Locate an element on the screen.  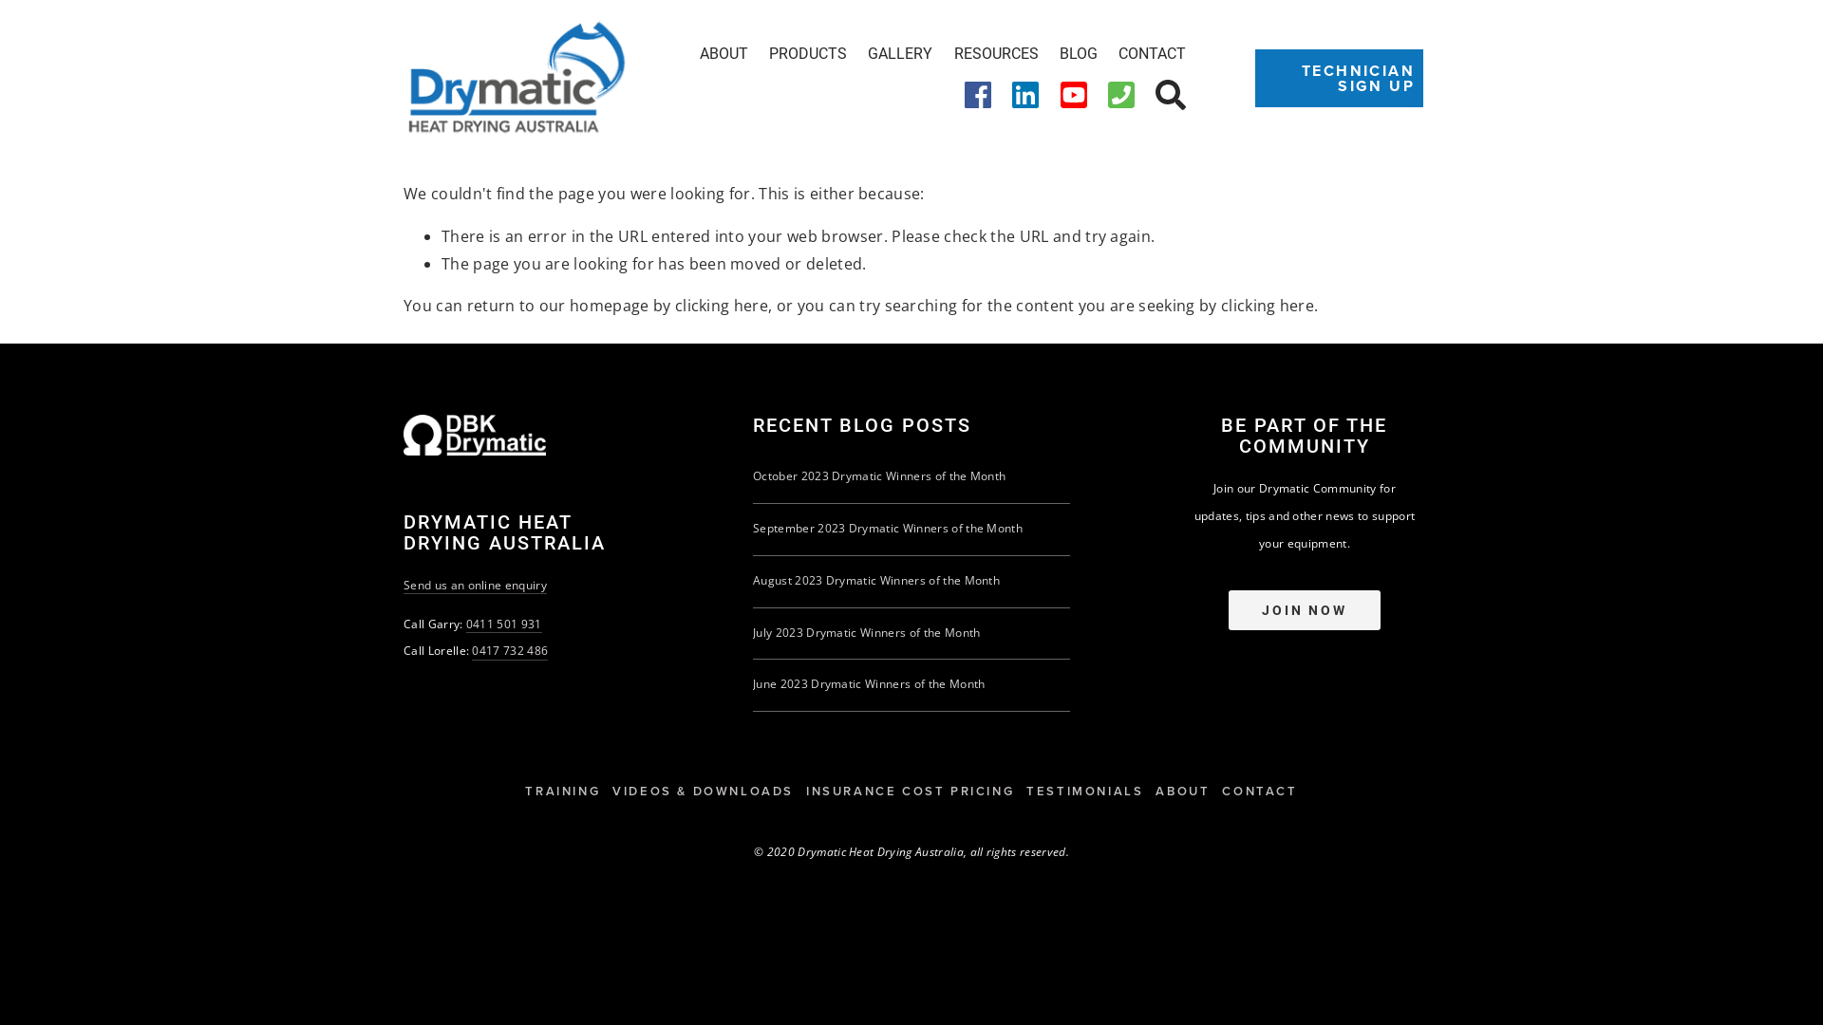
'September 2023 Drymatic Winners of the Month' is located at coordinates (887, 528).